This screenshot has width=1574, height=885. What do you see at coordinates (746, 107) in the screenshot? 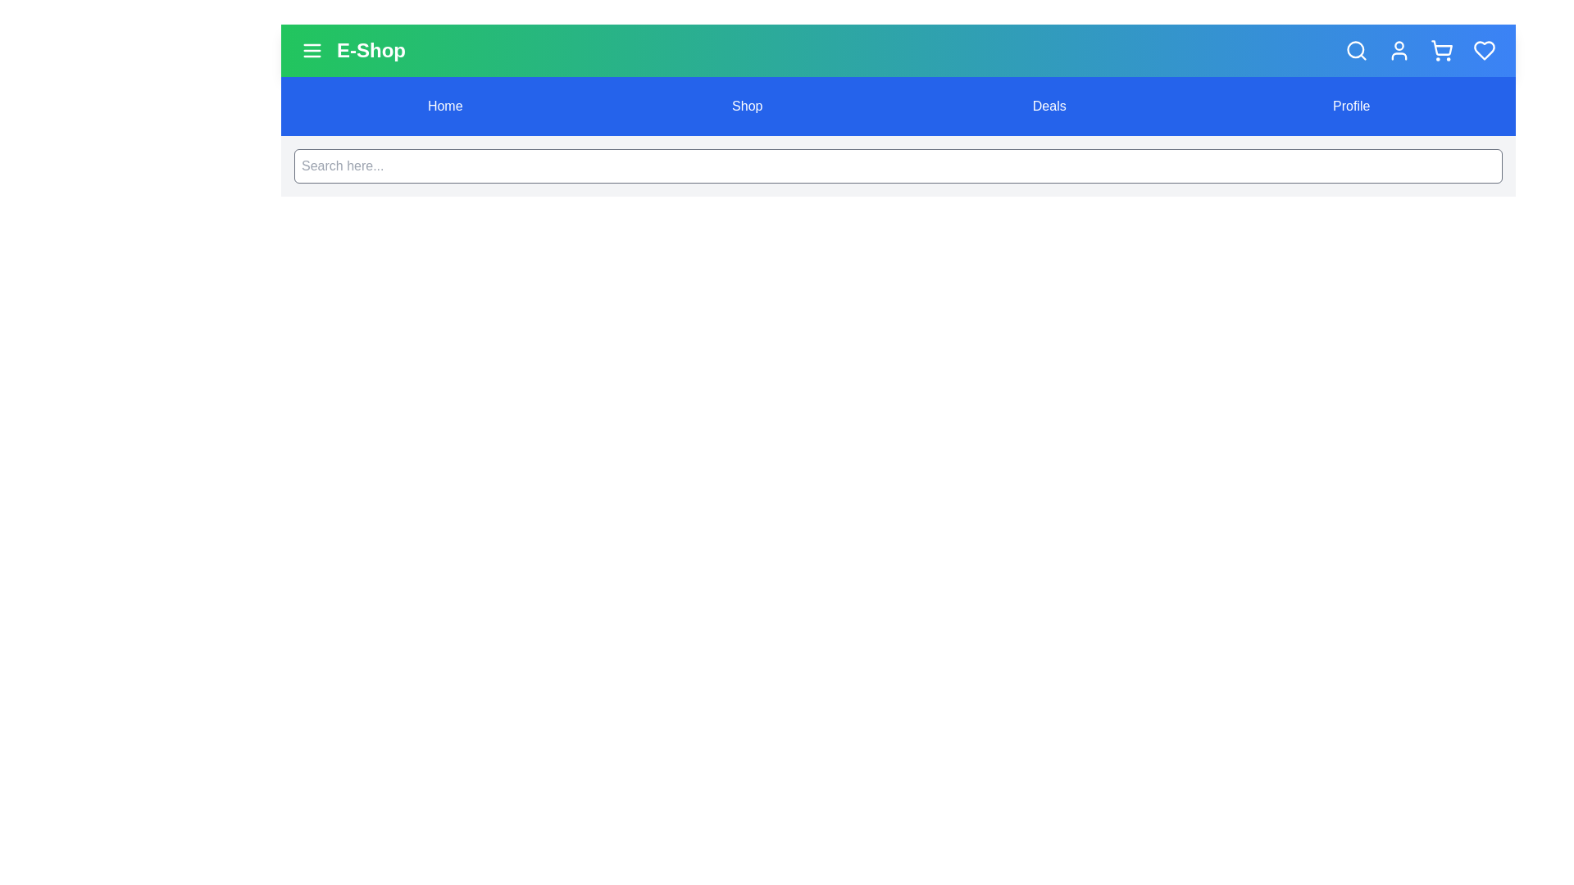
I see `the menu option Shop to navigate to the respective section` at bounding box center [746, 107].